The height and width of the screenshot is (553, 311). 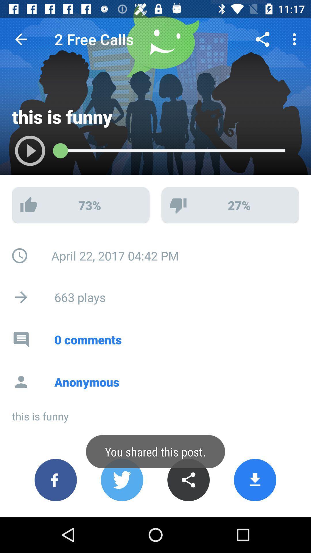 I want to click on media this is funny, so click(x=24, y=154).